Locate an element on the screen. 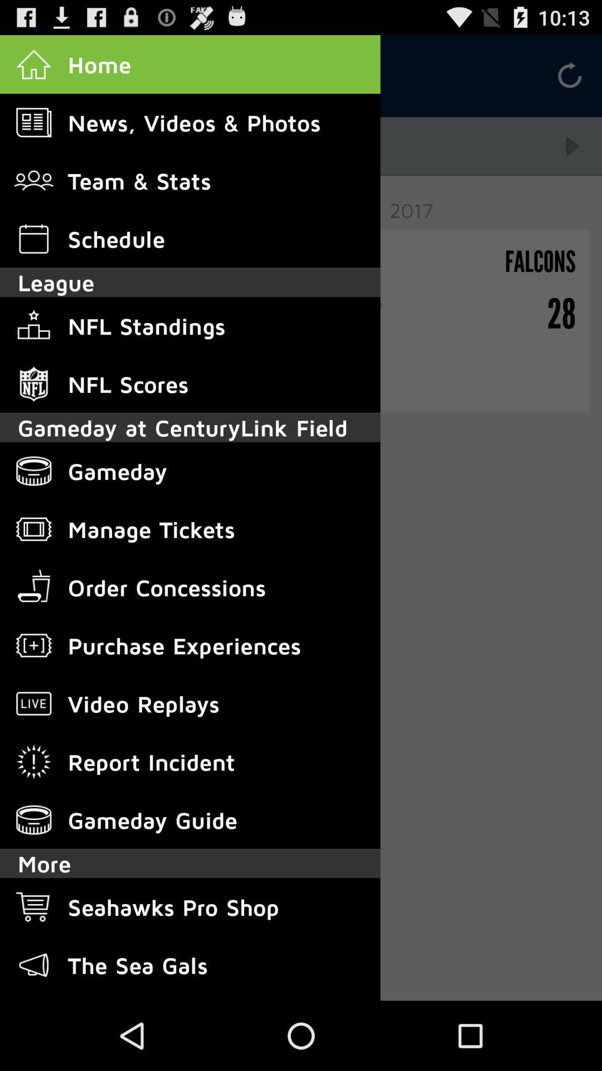 The width and height of the screenshot is (602, 1071). the play icon is located at coordinates (572, 156).